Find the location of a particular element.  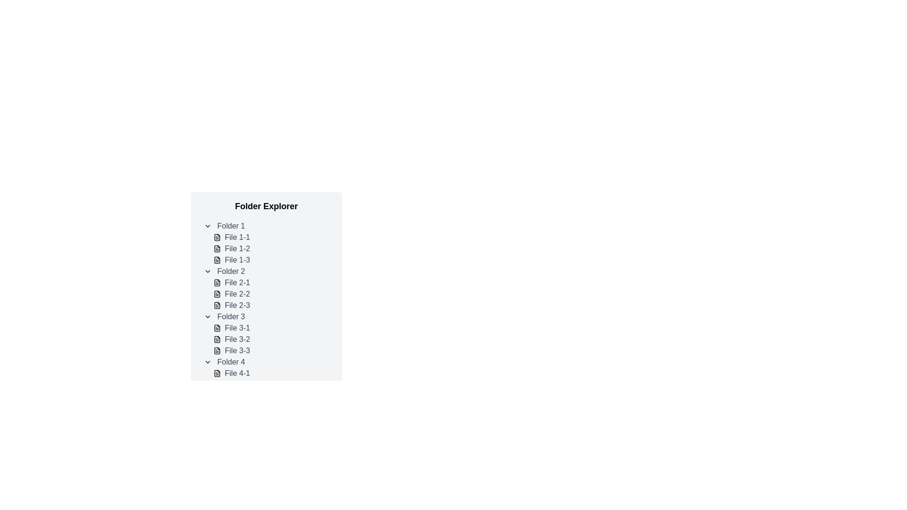

the collapsible tree view node representing 'Folder 3', which contains the files 'File 3-1', 'File 3-2', and 'File 3-3' is located at coordinates (266, 333).